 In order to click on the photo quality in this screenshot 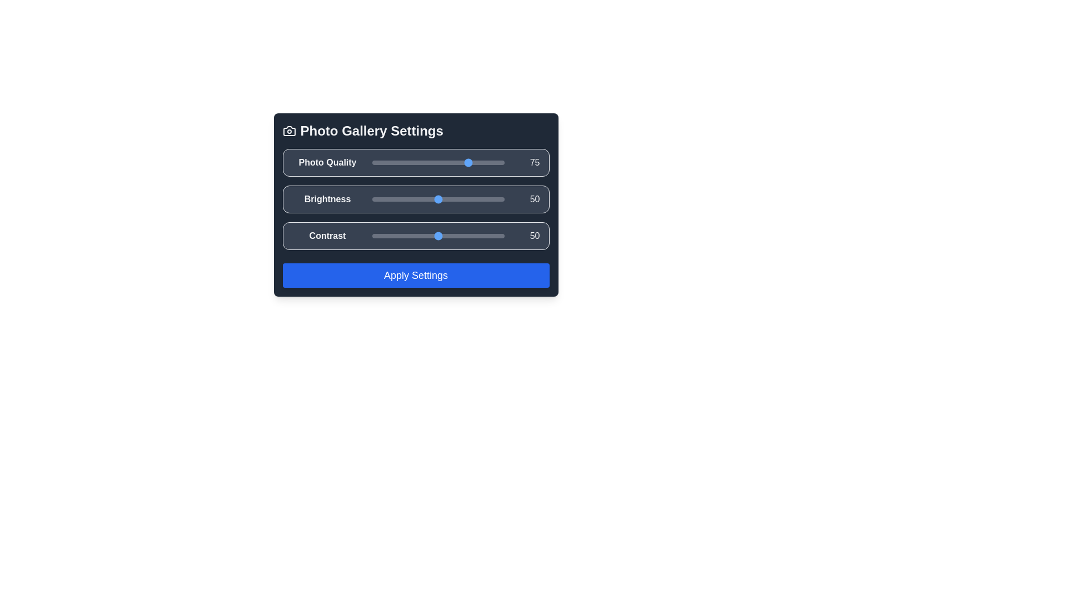, I will do `click(471, 163)`.